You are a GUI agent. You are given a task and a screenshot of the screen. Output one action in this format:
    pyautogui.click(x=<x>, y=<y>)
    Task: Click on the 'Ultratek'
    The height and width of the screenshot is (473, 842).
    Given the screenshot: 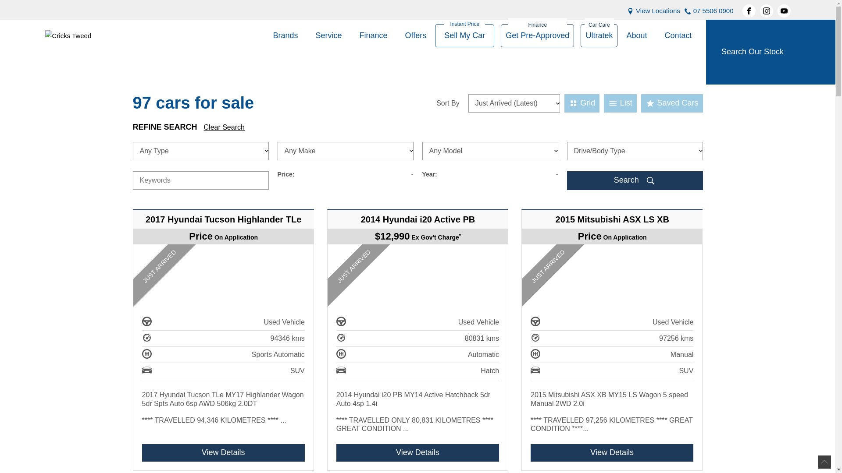 What is the action you would take?
    pyautogui.click(x=581, y=35)
    